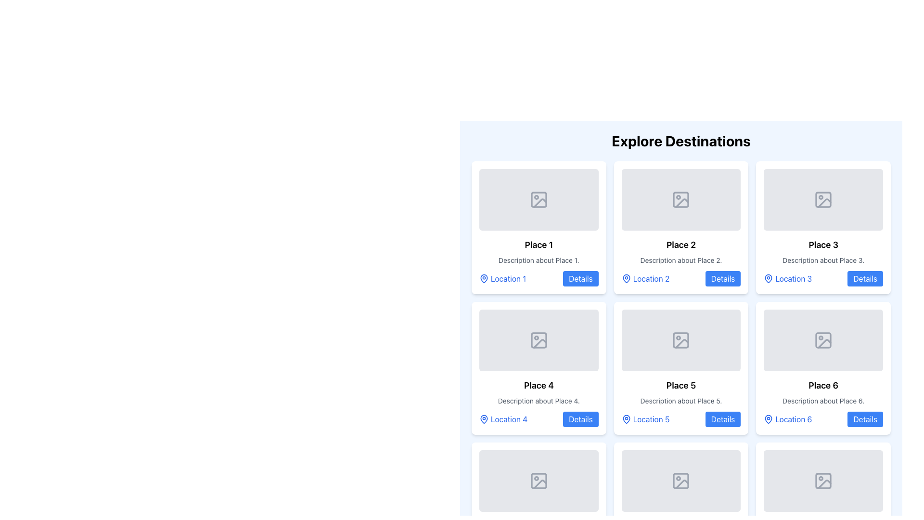 This screenshot has width=924, height=520. Describe the element at coordinates (823, 481) in the screenshot. I see `the image placeholder icon located in the lower-right area of the 'Place 6' card in the grid layout` at that location.